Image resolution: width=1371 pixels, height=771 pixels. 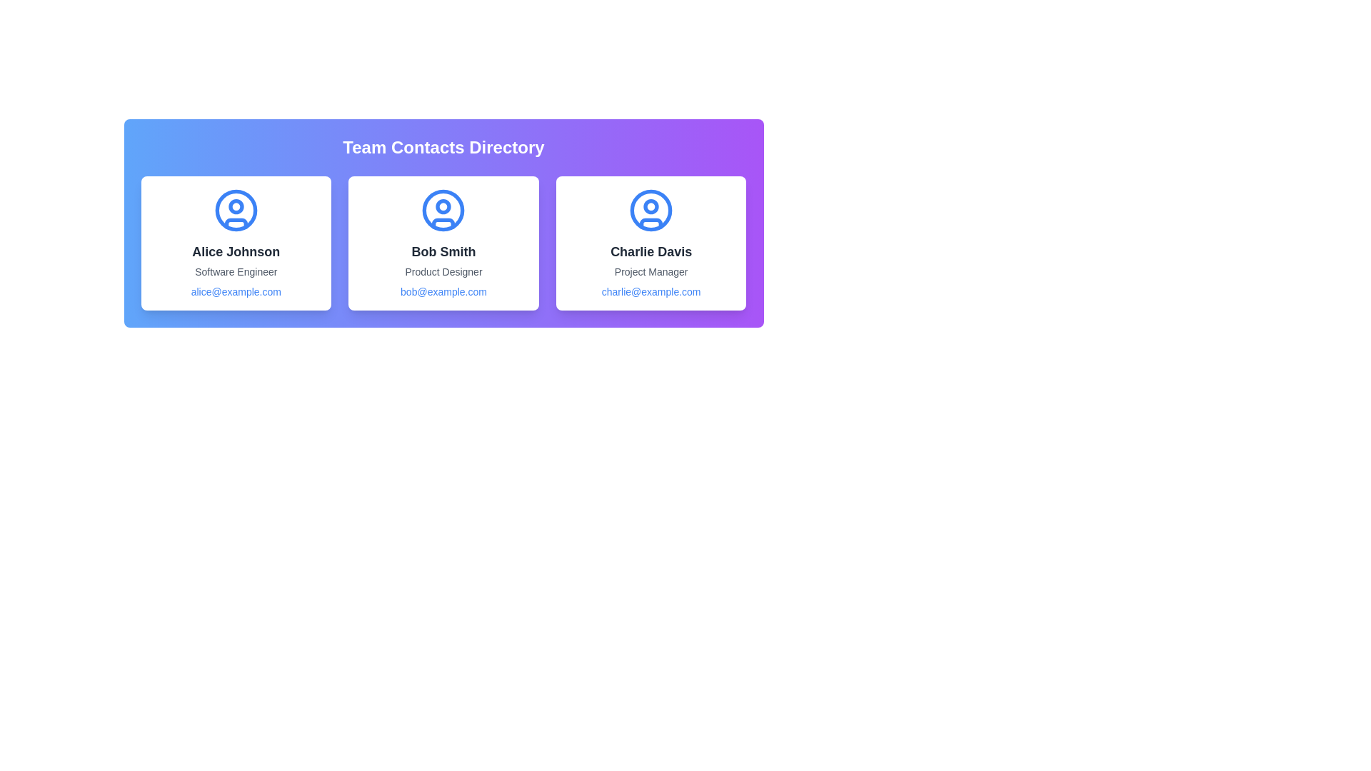 I want to click on the email link of the contact card for Bob Smith, so click(x=443, y=291).